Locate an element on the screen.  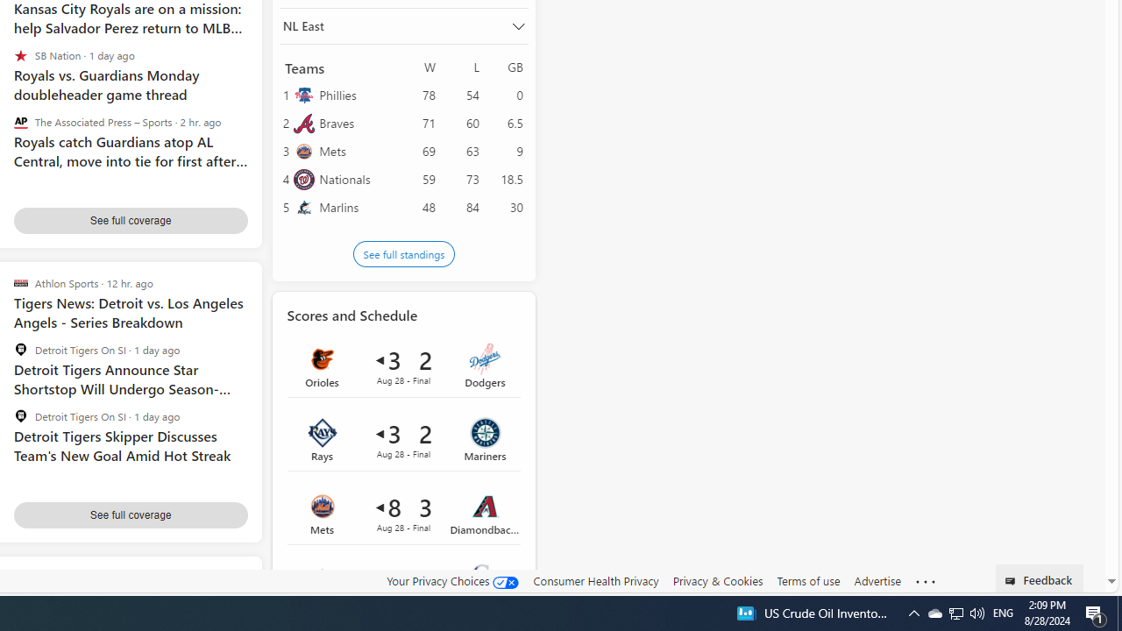
'Your Privacy Choices' is located at coordinates (453, 580).